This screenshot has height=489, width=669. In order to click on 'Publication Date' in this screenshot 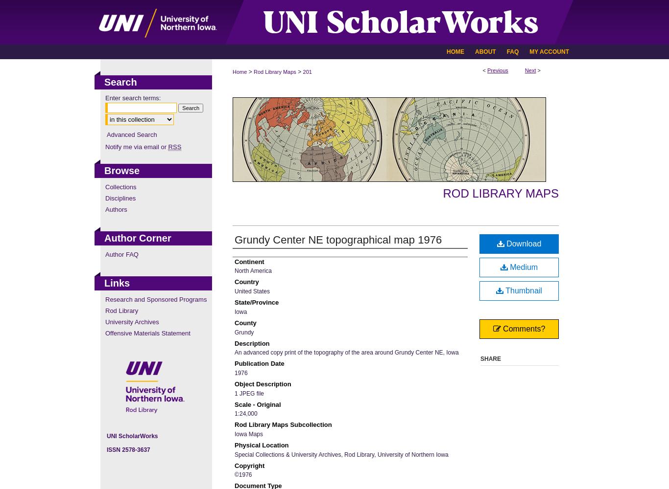, I will do `click(235, 363)`.